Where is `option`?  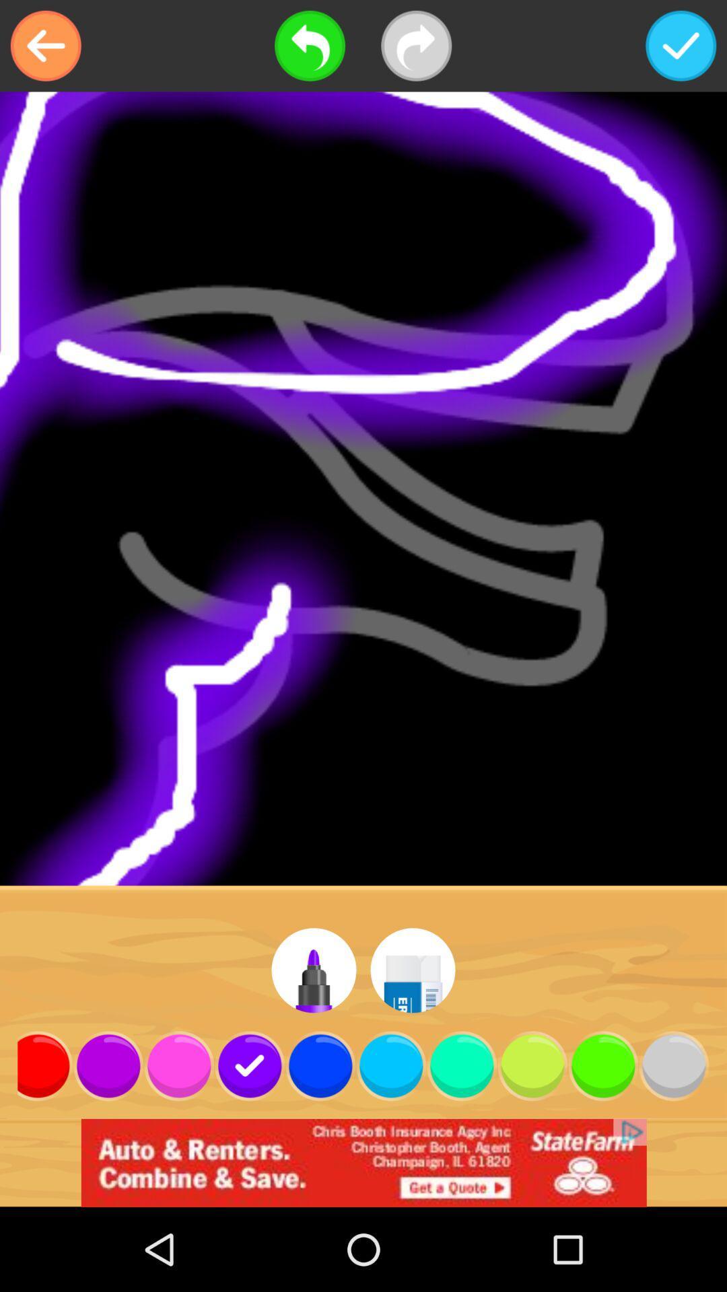
option is located at coordinates (681, 46).